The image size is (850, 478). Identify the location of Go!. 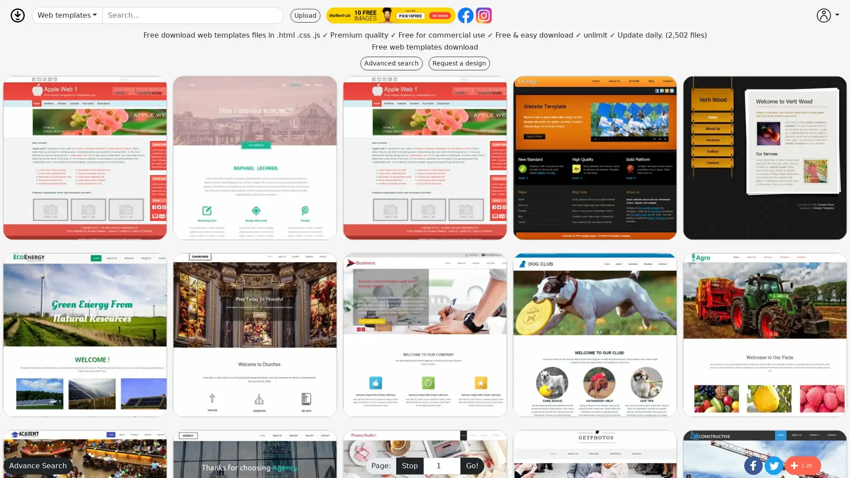
(471, 466).